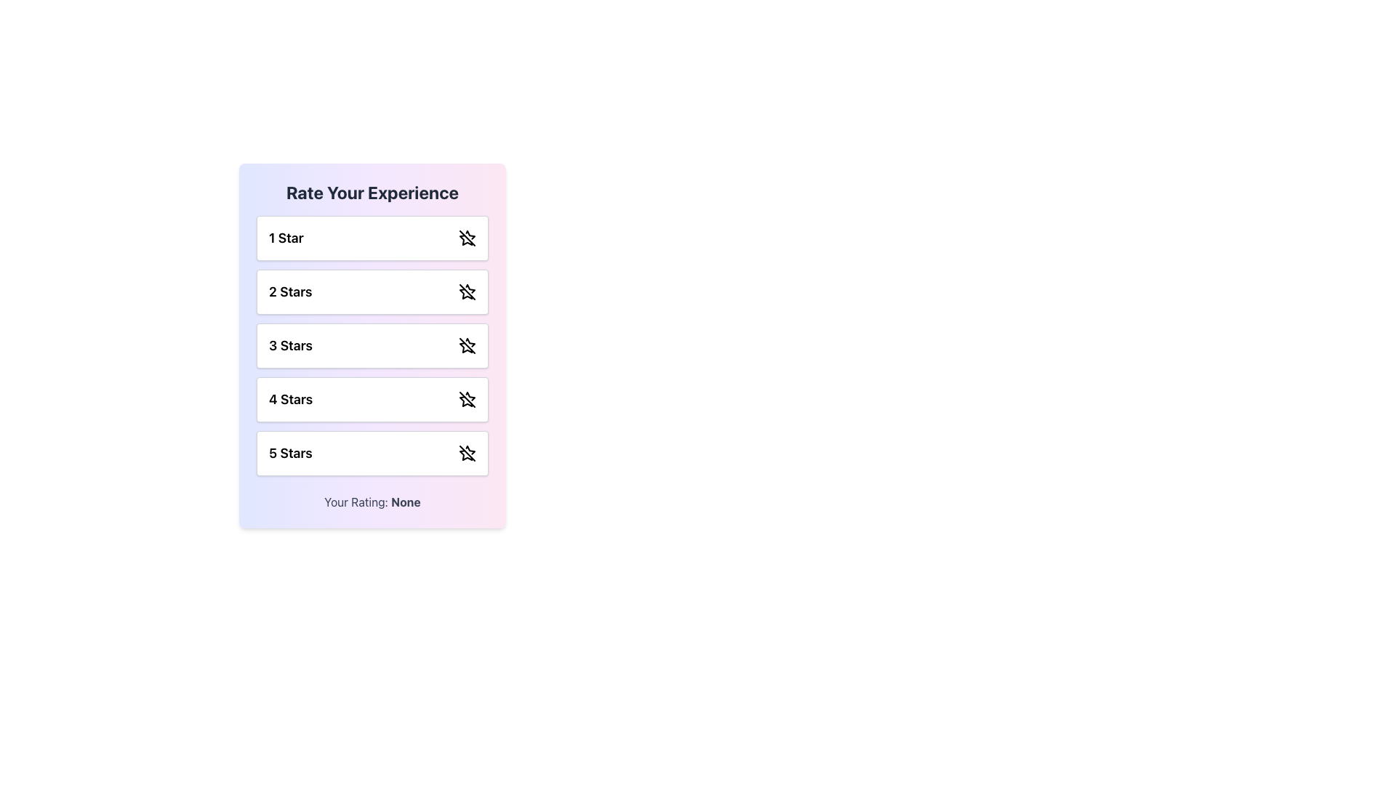 The width and height of the screenshot is (1396, 785). Describe the element at coordinates (468, 345) in the screenshot. I see `the iconographic element representing the disabled or muted state for the '3 Stars' rating option located in the third item of the vertical list` at that location.